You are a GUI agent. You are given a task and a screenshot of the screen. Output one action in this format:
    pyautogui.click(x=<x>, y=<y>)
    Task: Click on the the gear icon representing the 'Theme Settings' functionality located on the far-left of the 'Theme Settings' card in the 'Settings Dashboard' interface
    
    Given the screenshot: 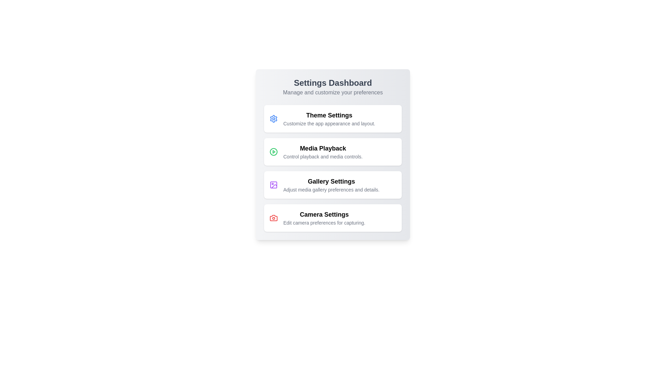 What is the action you would take?
    pyautogui.click(x=273, y=118)
    